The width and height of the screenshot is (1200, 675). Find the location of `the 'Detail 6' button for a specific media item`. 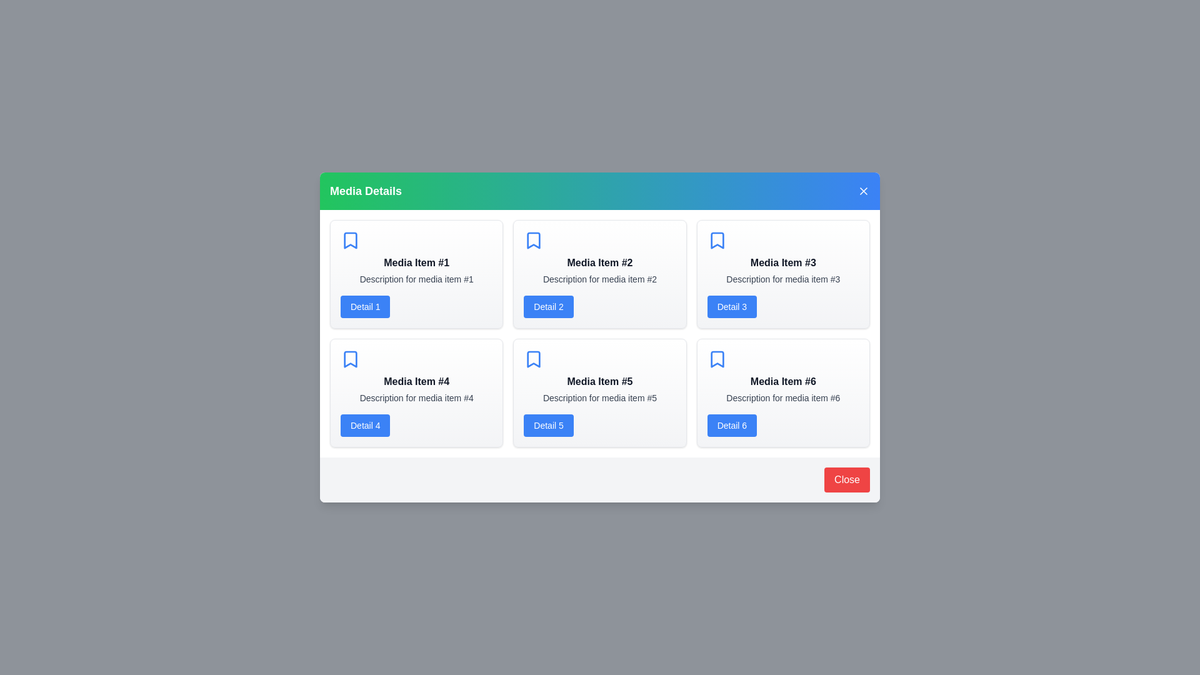

the 'Detail 6' button for a specific media item is located at coordinates (732, 425).